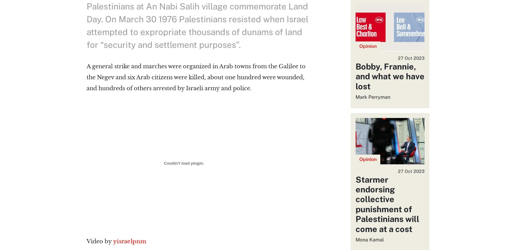 Image resolution: width=516 pixels, height=250 pixels. Describe the element at coordinates (389, 76) in the screenshot. I see `'Bobby, Frannie, and what we have lost'` at that location.